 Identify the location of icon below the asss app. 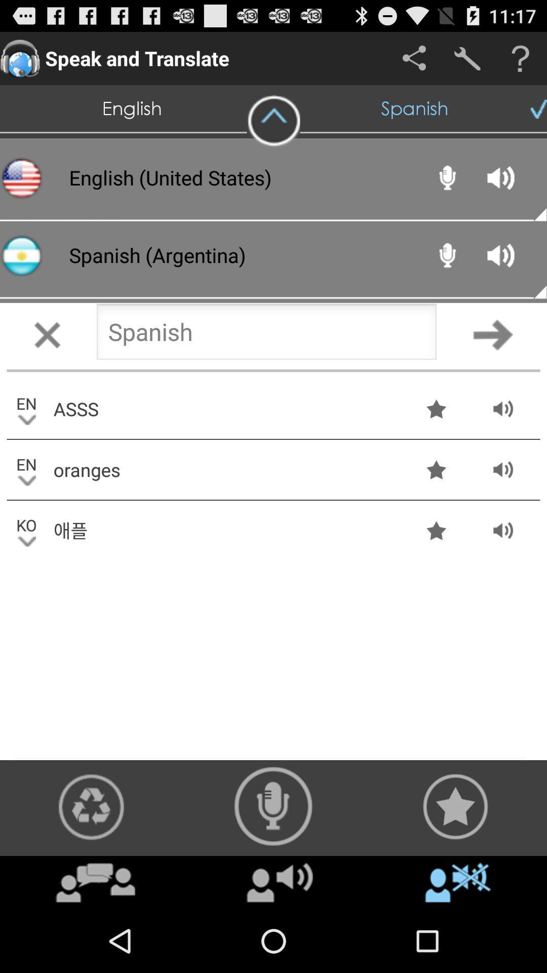
(226, 469).